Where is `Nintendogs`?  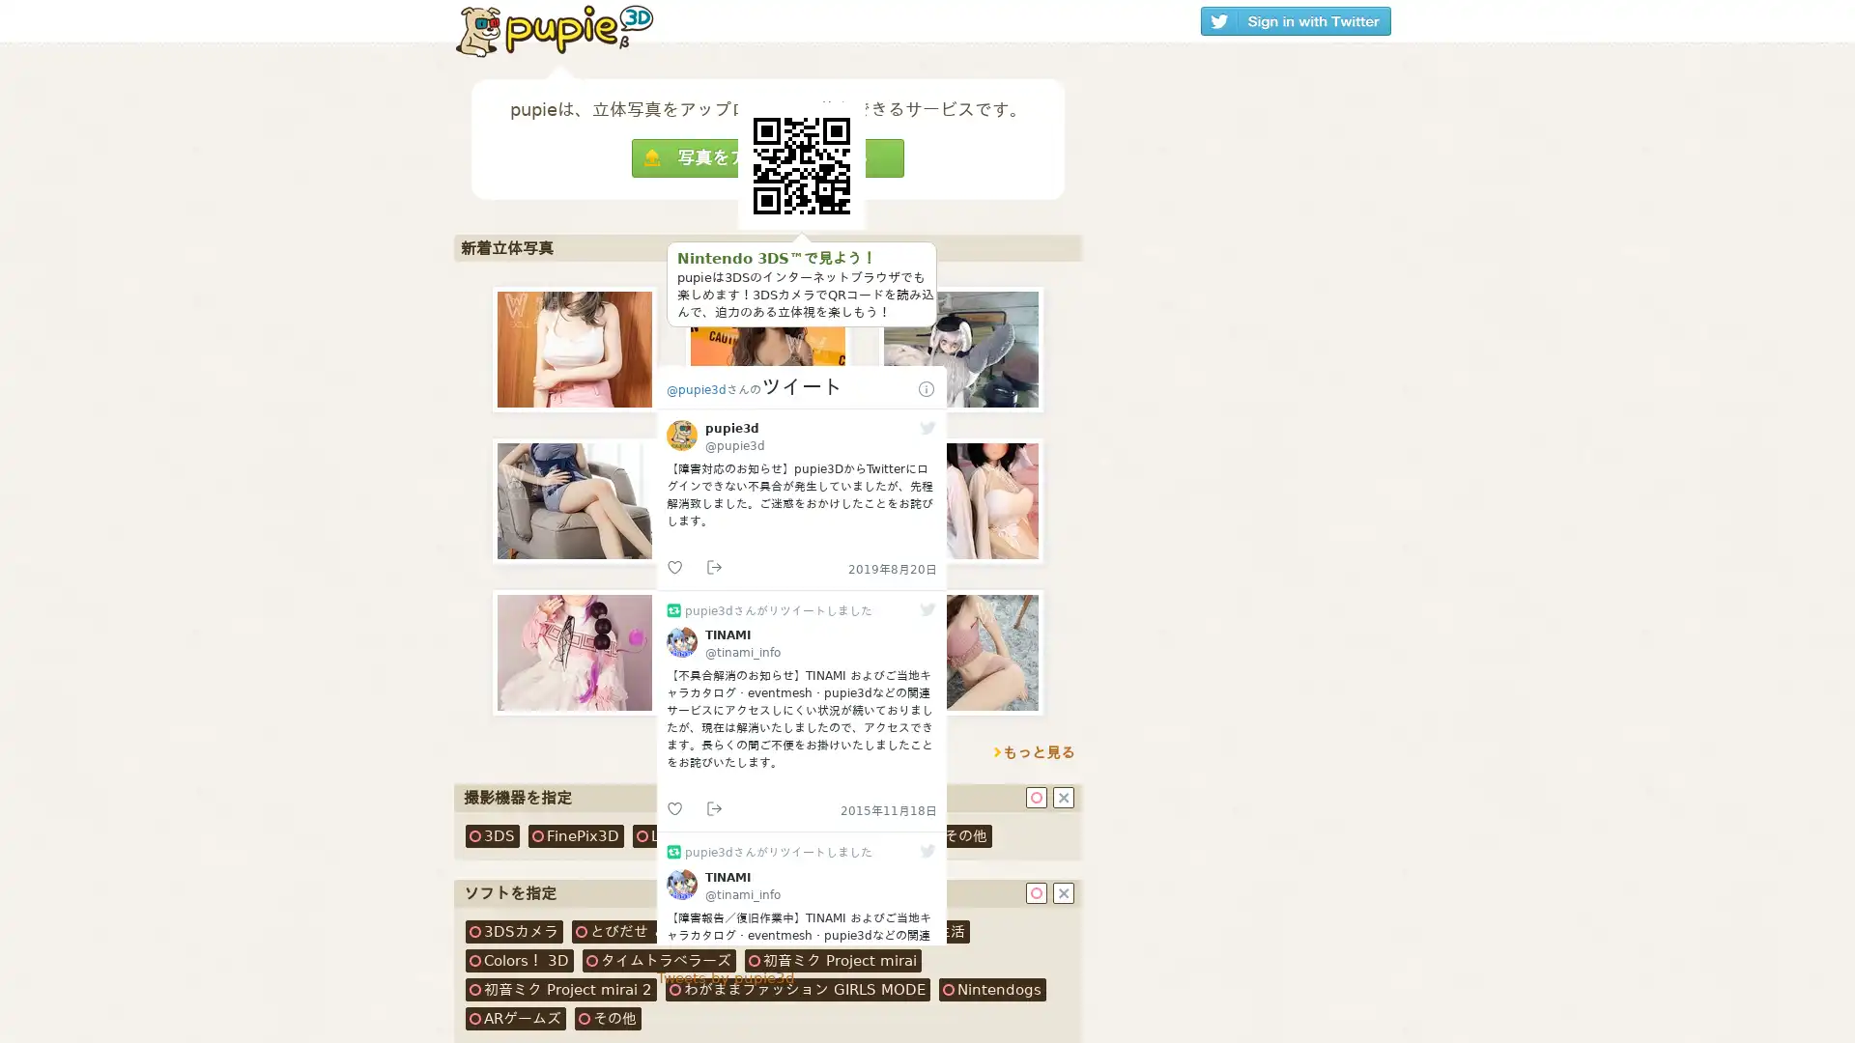 Nintendogs is located at coordinates (992, 990).